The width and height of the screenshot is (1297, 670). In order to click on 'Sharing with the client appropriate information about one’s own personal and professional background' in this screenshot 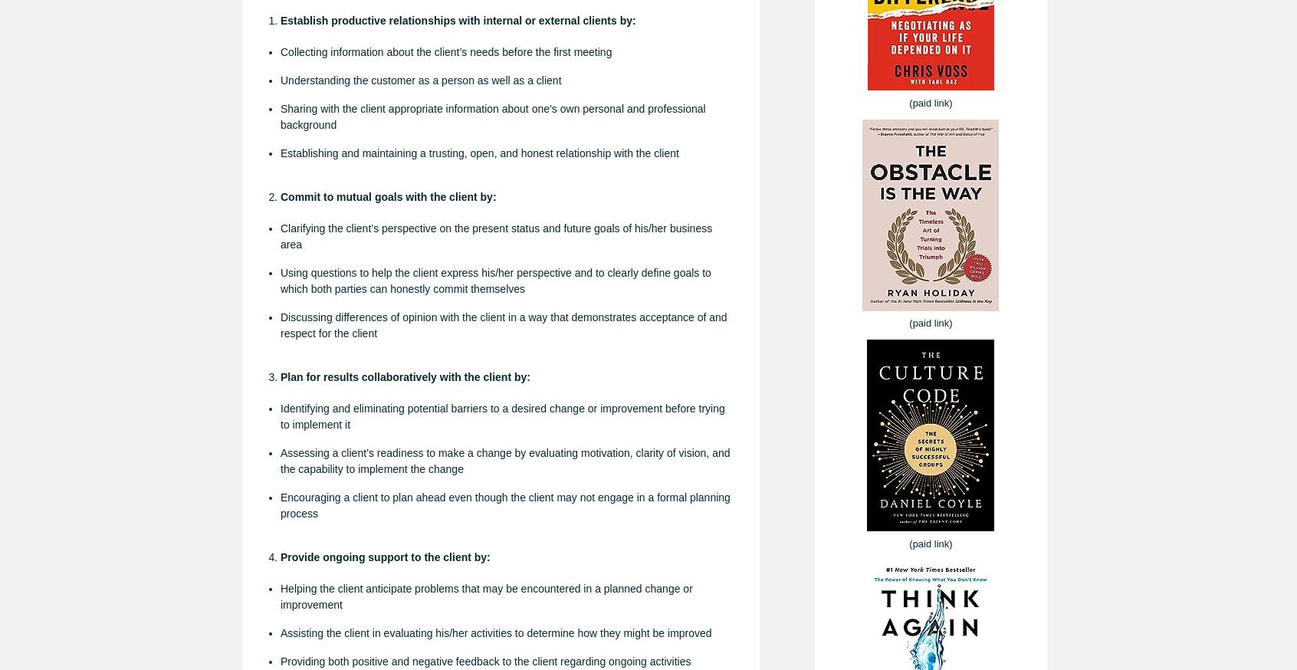, I will do `click(492, 116)`.